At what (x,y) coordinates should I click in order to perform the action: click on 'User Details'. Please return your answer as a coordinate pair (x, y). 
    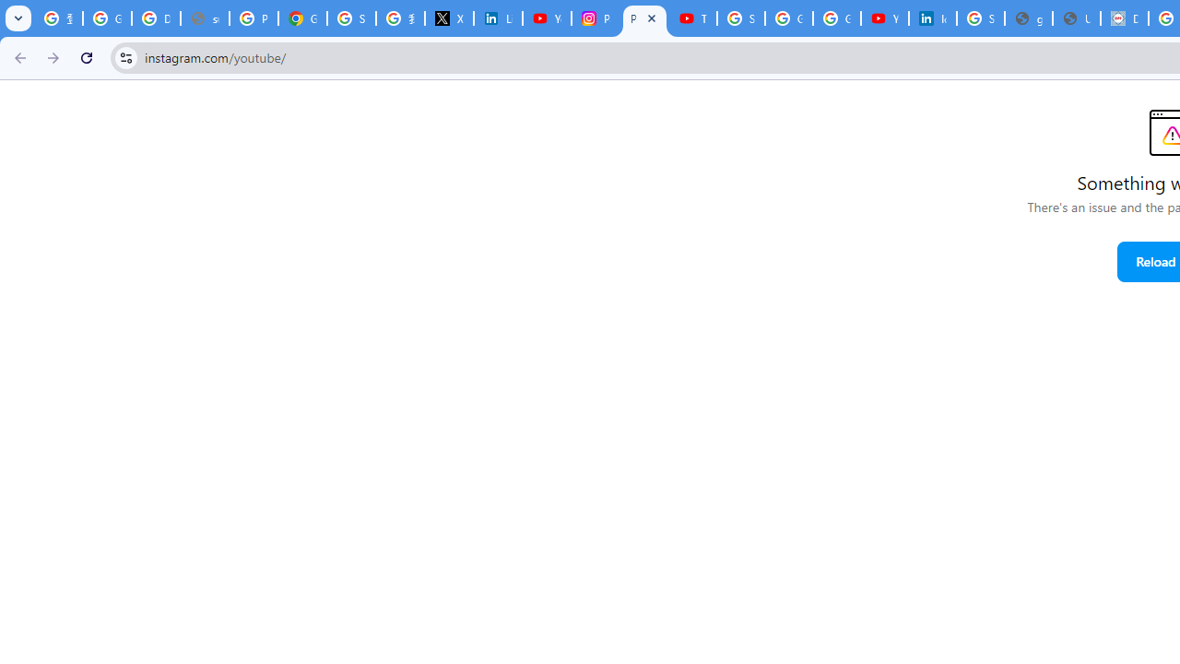
    Looking at the image, I should click on (1077, 18).